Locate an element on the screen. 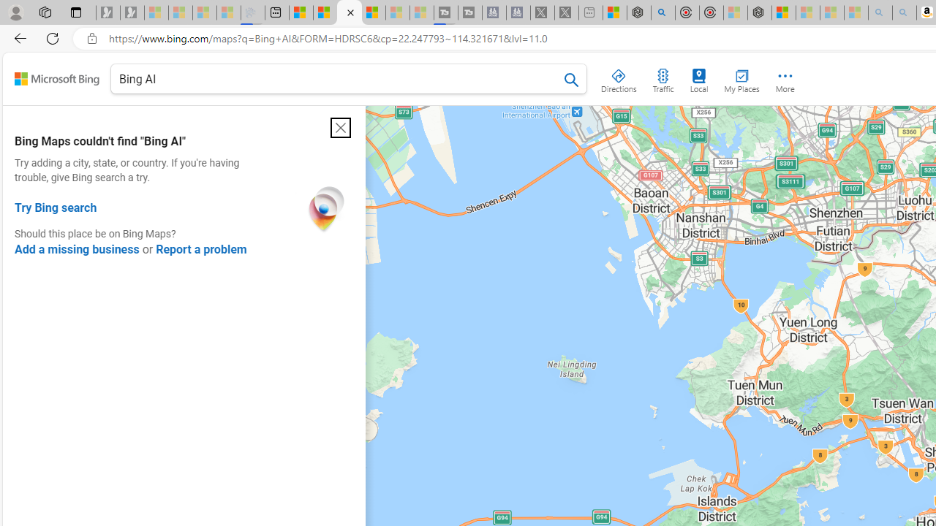 This screenshot has width=936, height=526. 'Microsoft Start - Sleeping' is located at coordinates (398, 12).